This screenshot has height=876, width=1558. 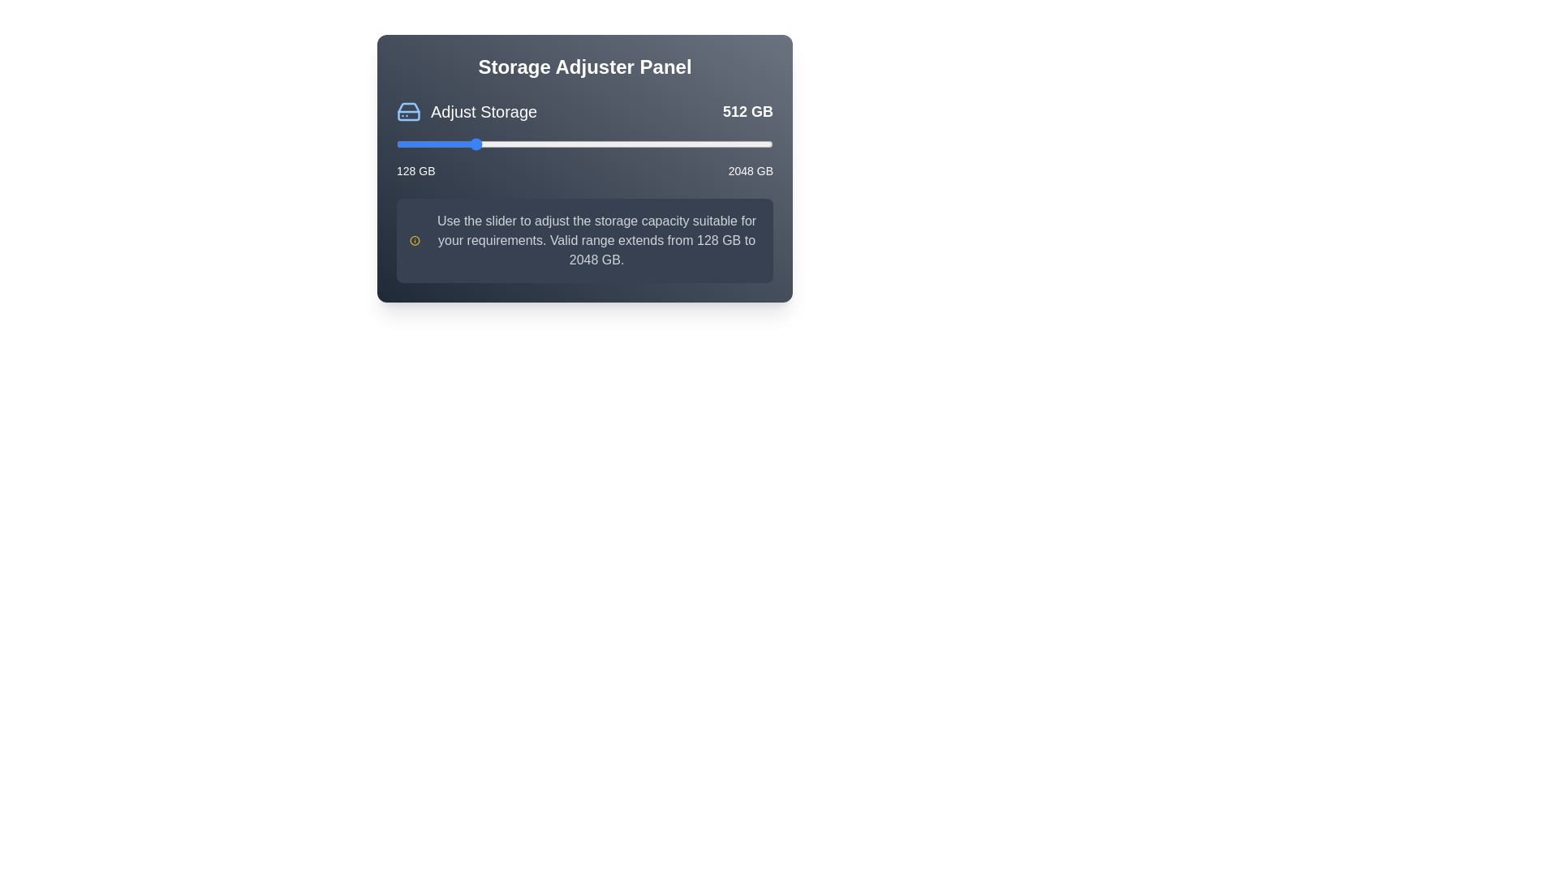 What do you see at coordinates (409, 111) in the screenshot?
I see `the small blue-tinted hard drive icon located on the left side of the 'Adjust Storage' label` at bounding box center [409, 111].